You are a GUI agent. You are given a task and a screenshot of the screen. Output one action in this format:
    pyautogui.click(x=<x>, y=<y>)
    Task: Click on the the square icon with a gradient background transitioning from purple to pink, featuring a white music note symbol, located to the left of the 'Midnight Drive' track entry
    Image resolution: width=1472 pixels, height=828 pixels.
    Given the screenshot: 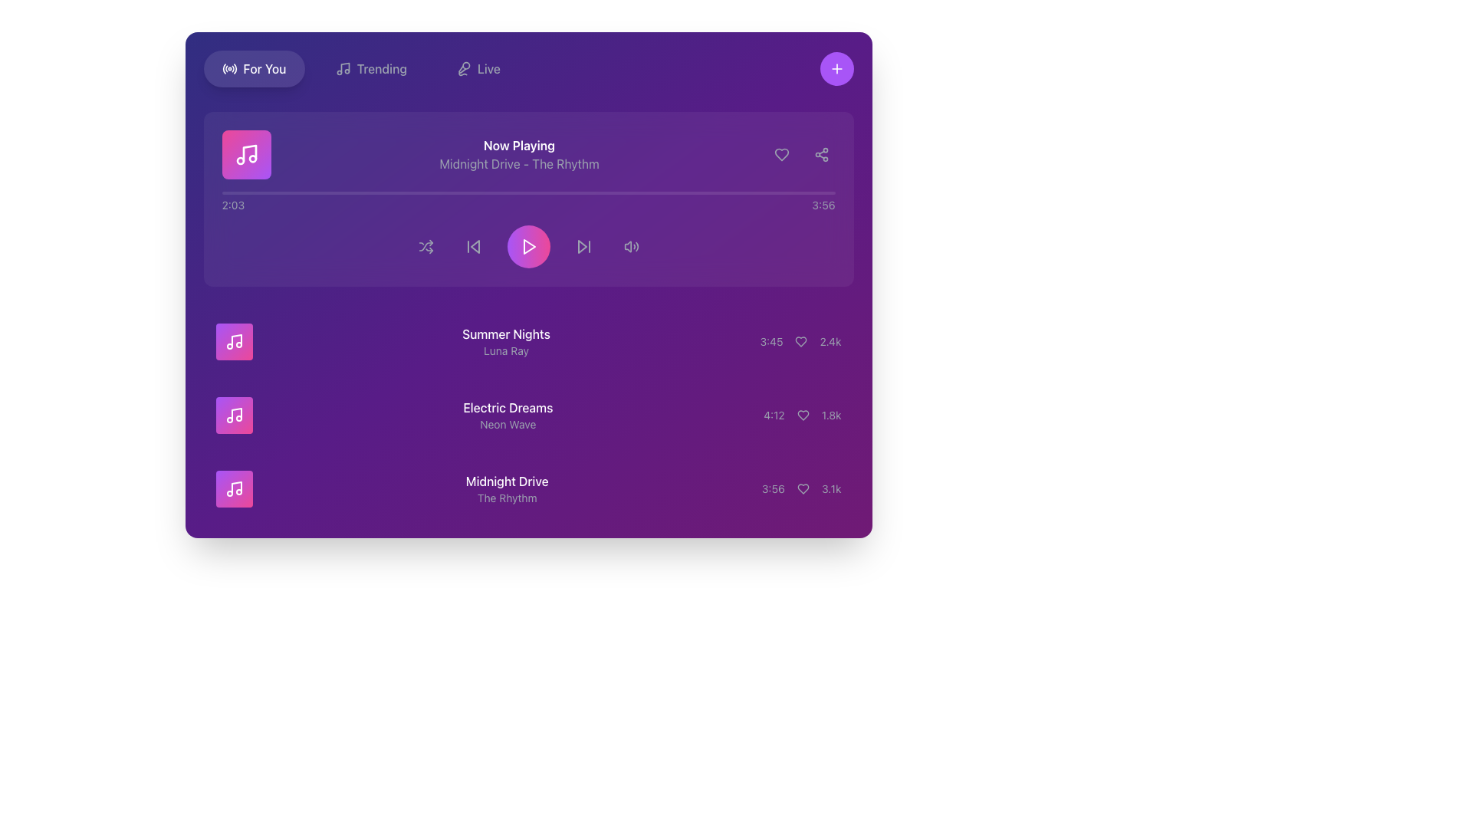 What is the action you would take?
    pyautogui.click(x=233, y=488)
    